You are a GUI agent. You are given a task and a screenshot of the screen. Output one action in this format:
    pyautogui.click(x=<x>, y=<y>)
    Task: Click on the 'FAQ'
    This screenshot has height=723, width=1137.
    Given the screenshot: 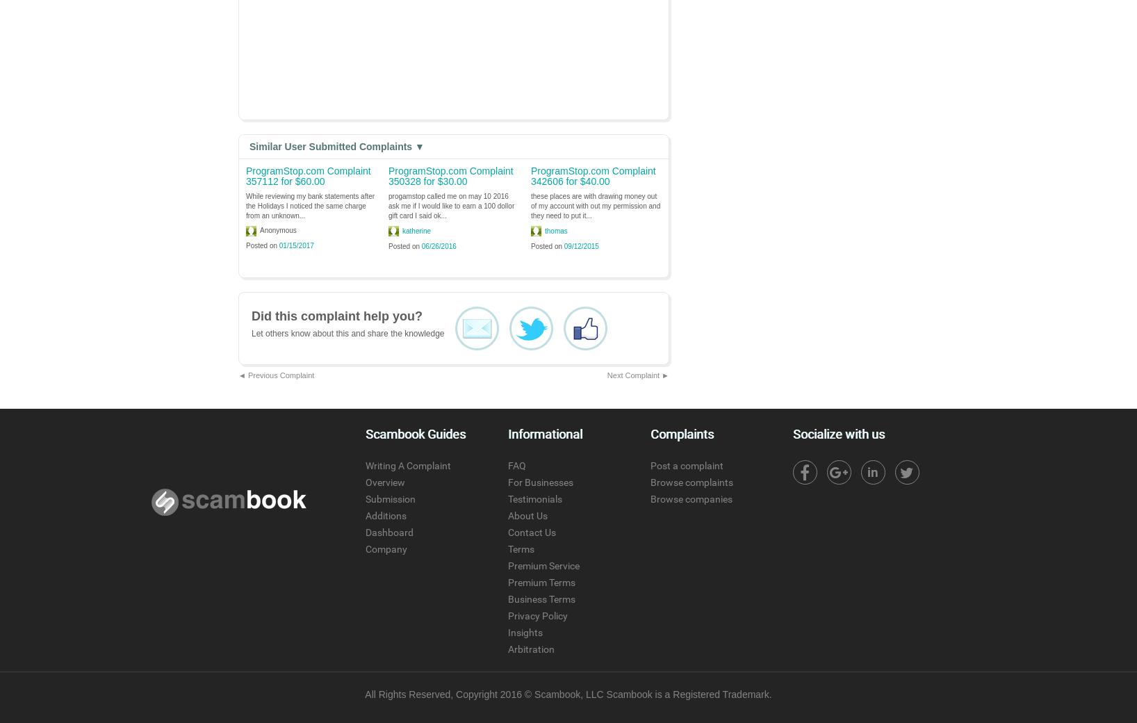 What is the action you would take?
    pyautogui.click(x=516, y=465)
    